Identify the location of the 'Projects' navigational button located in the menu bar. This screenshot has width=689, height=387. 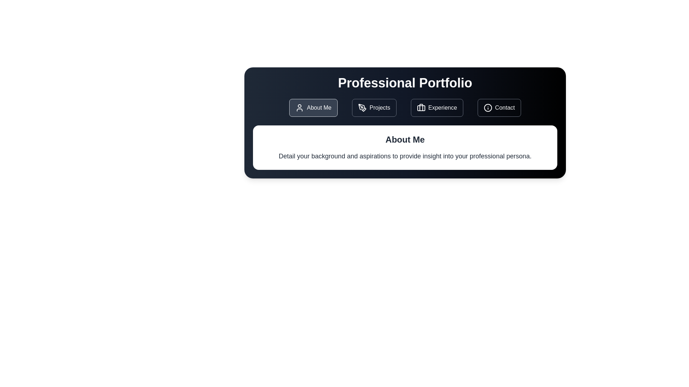
(374, 107).